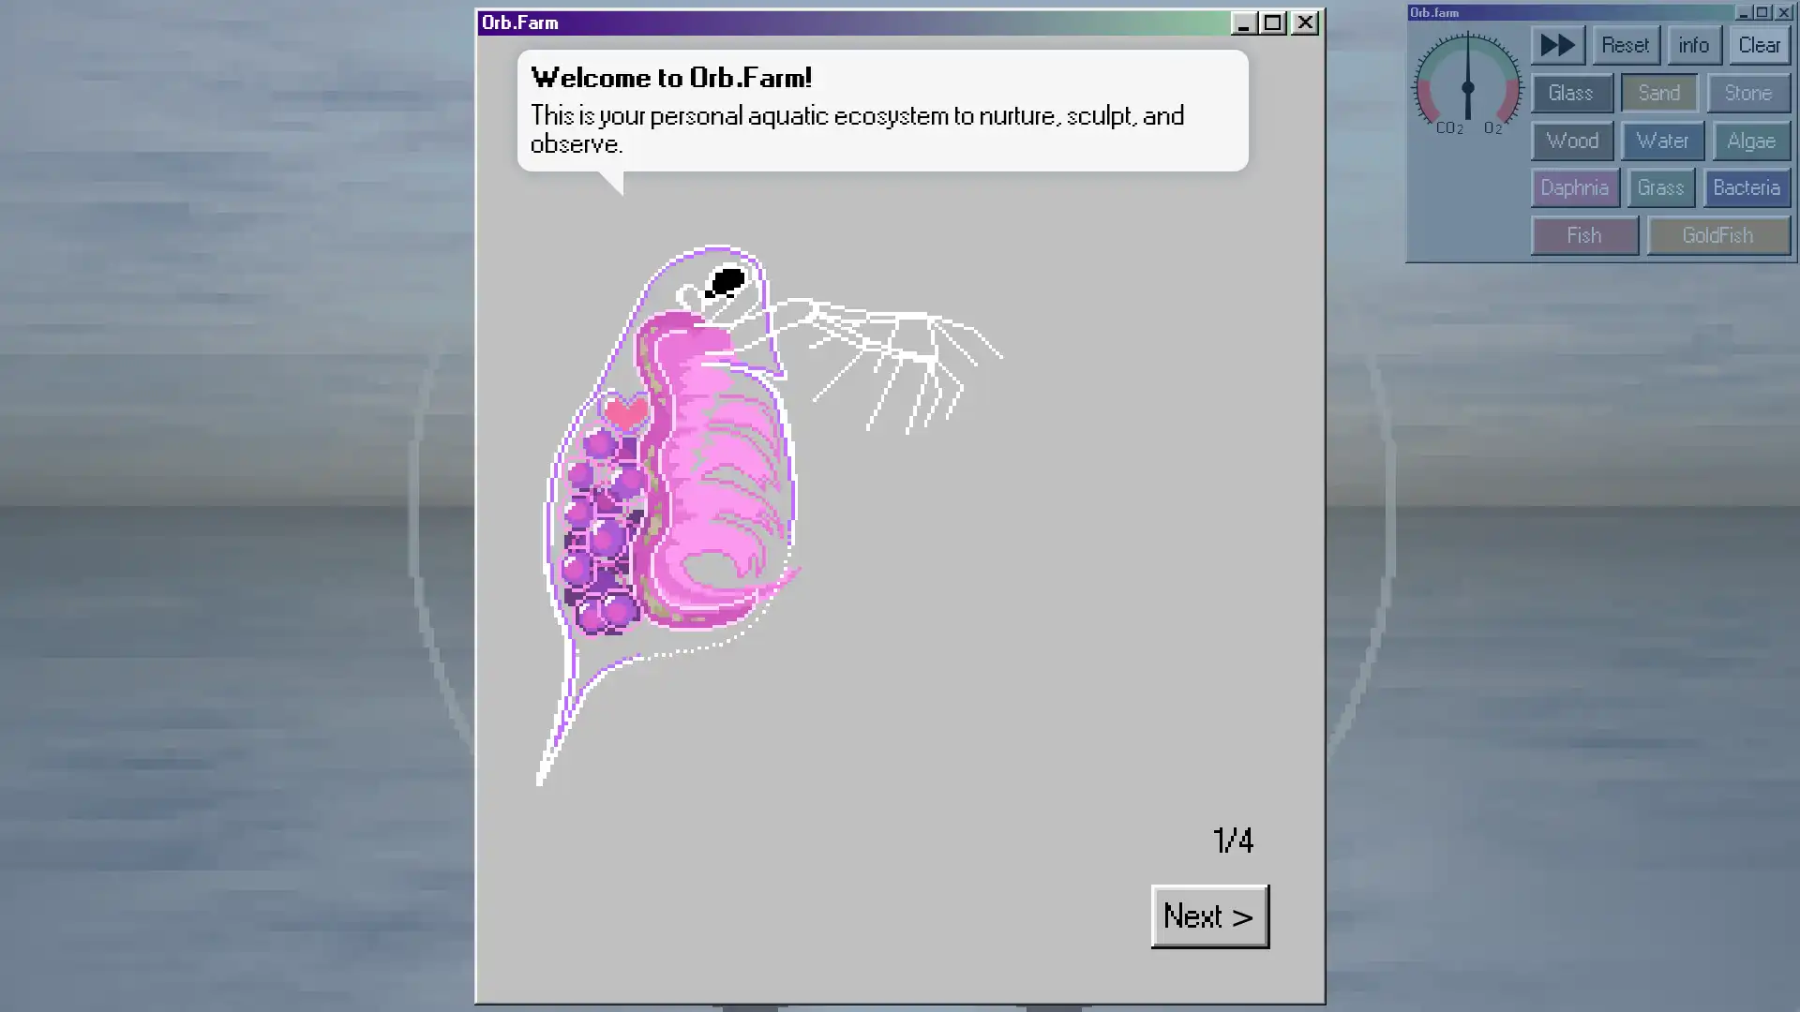  Describe the element at coordinates (938, 23) in the screenshot. I see `Clear` at that location.